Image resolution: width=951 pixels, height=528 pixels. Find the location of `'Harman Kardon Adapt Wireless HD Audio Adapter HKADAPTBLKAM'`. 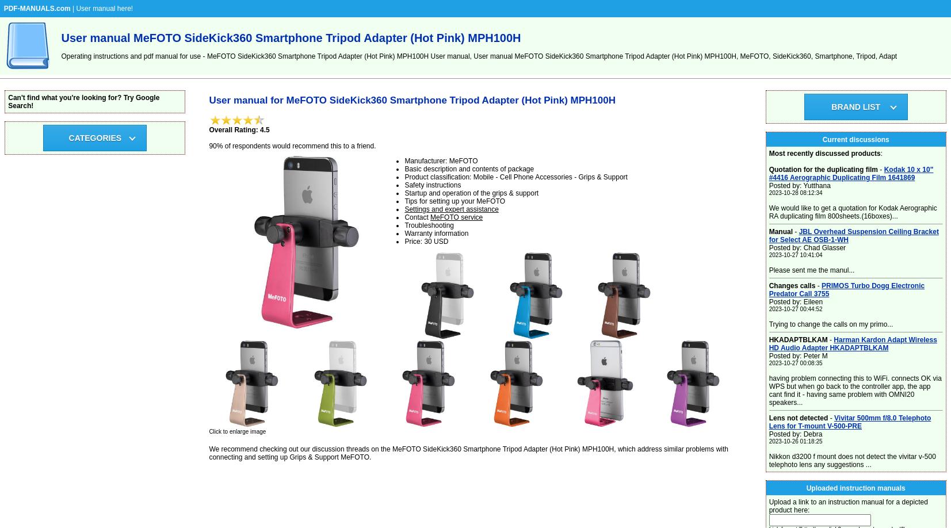

'Harman Kardon Adapt Wireless HD Audio Adapter HKADAPTBLKAM' is located at coordinates (853, 343).